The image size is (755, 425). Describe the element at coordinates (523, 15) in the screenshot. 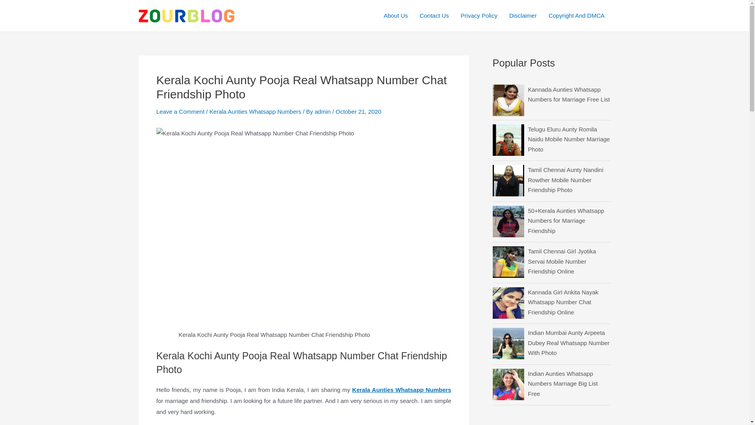

I see `'Disclaimer'` at that location.